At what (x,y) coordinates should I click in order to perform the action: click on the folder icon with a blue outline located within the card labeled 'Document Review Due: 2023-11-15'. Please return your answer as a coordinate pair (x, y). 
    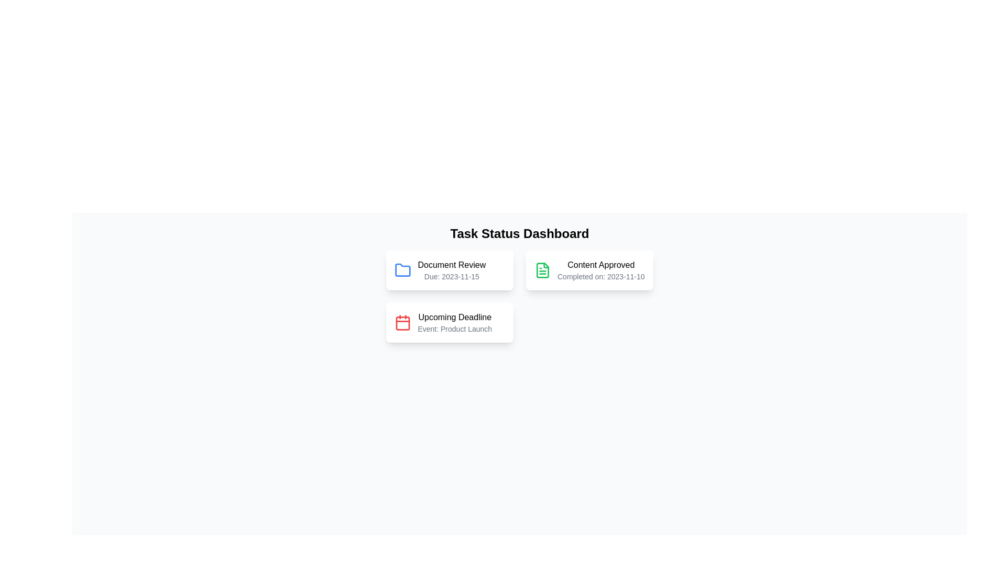
    Looking at the image, I should click on (402, 269).